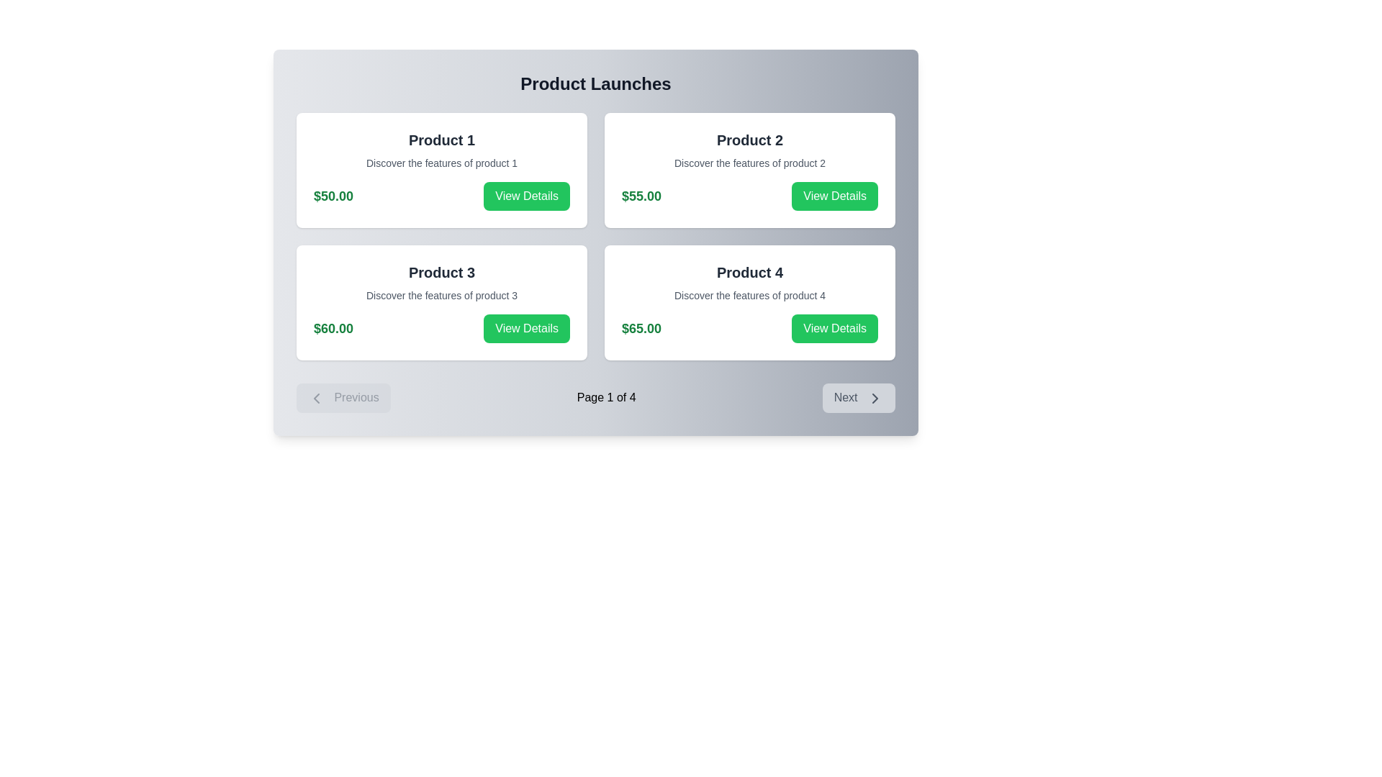 Image resolution: width=1382 pixels, height=777 pixels. Describe the element at coordinates (343, 398) in the screenshot. I see `the disabled previous page button located at the bottom-left corner of the navigation bar` at that location.